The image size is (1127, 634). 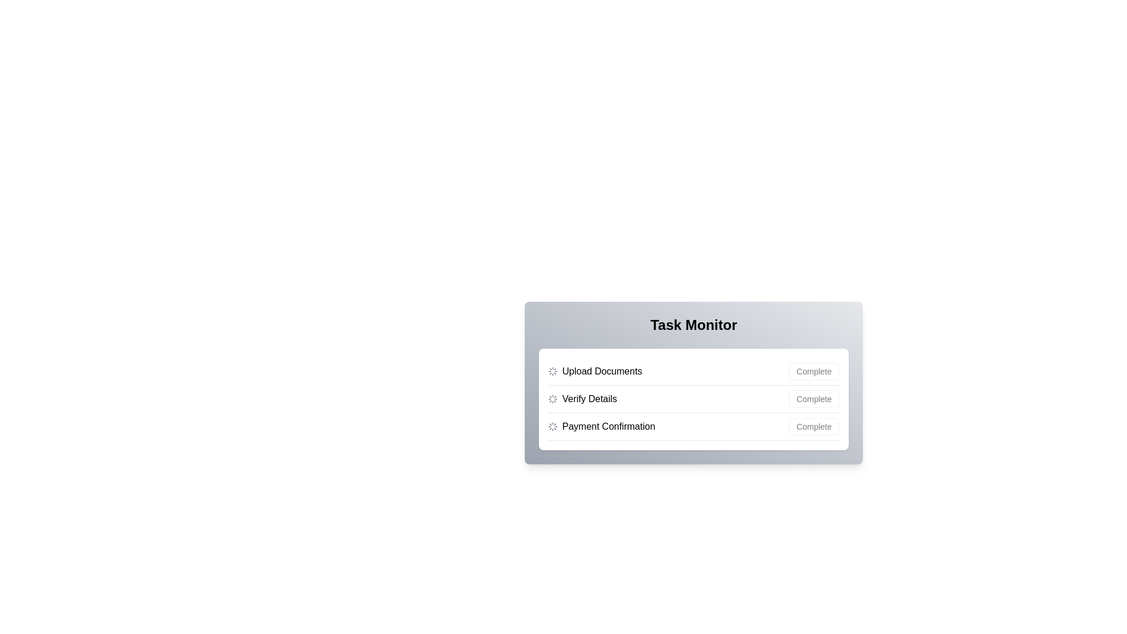 I want to click on the 'Payment Confirmation' text label, which is the third item in the vertical list under the 'Task Monitor' heading, so click(x=609, y=426).